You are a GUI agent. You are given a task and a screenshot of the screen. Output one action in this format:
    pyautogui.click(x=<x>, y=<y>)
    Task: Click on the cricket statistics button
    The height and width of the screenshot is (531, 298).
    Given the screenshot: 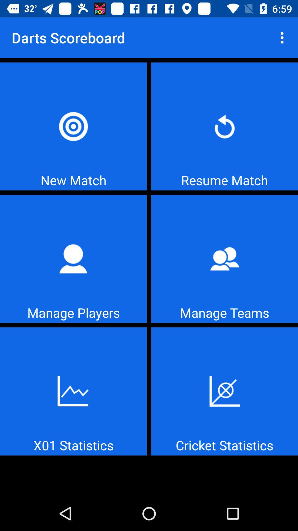 What is the action you would take?
    pyautogui.click(x=225, y=391)
    